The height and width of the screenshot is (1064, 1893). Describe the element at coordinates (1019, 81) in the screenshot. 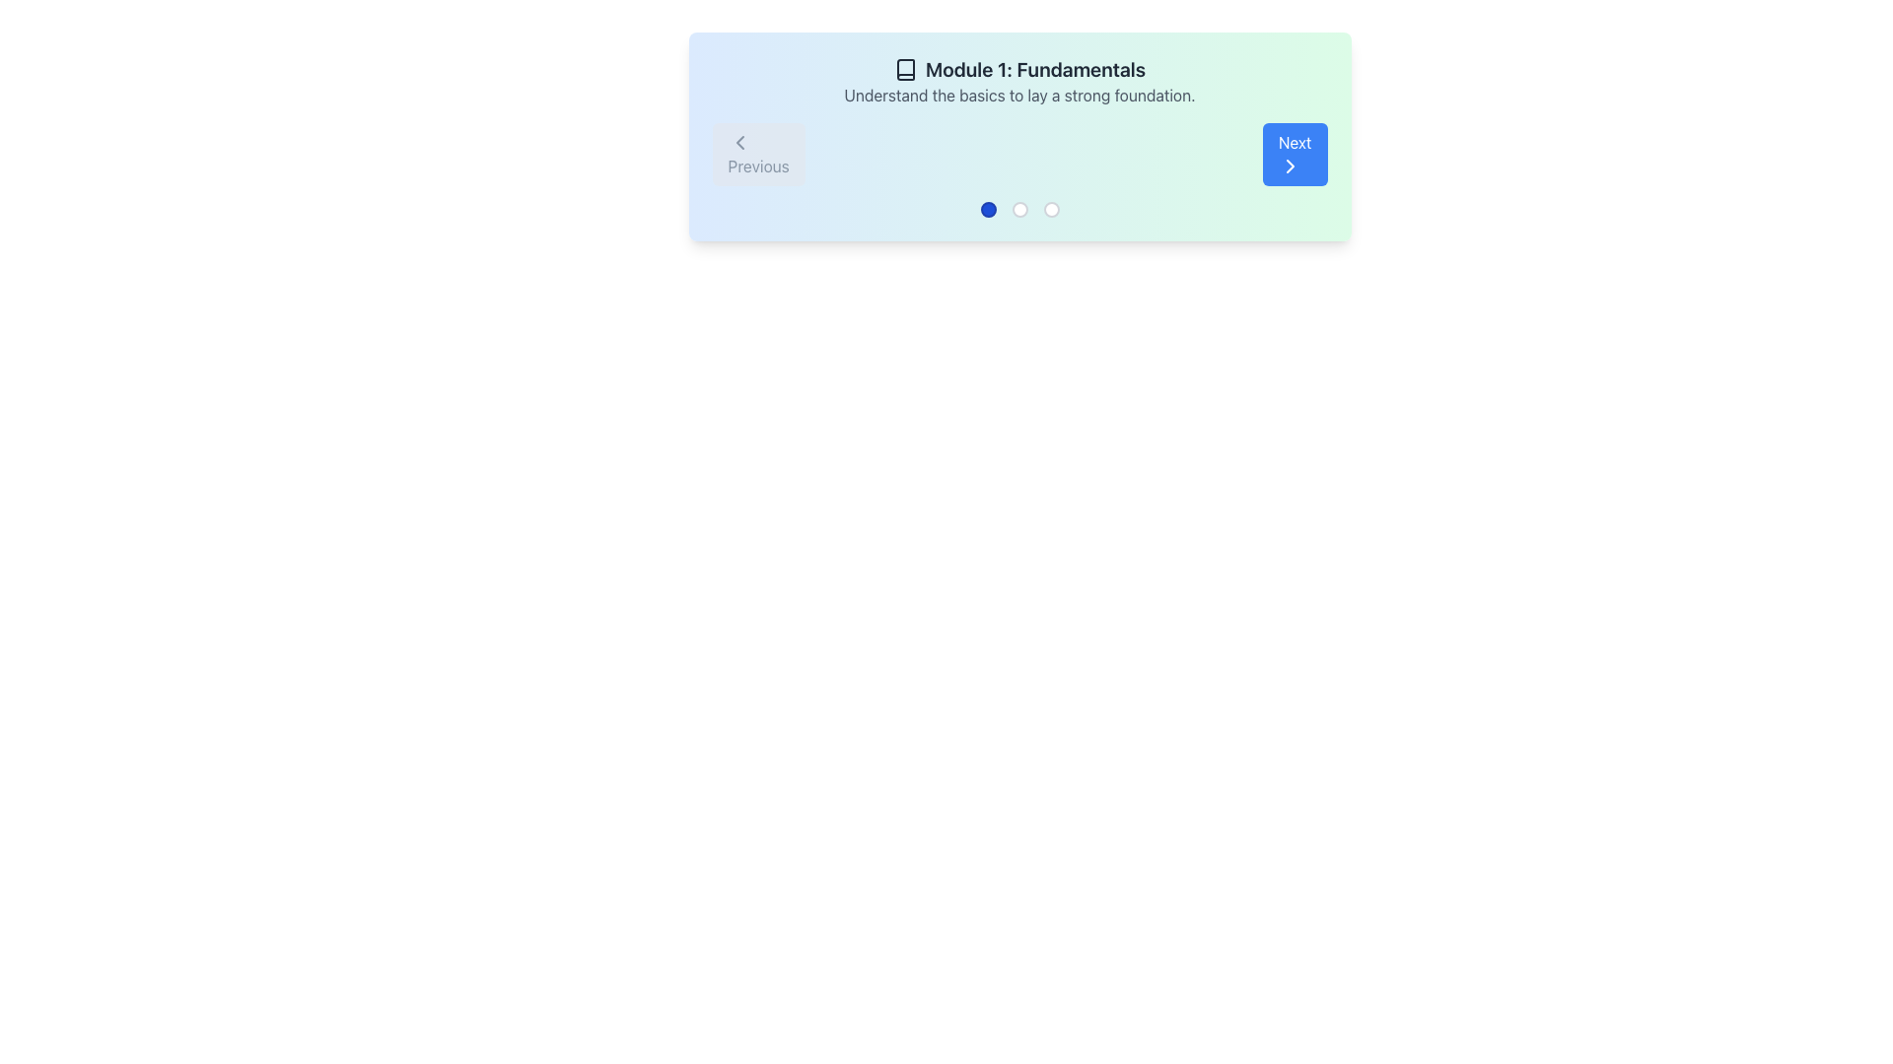

I see `module information from the composite text element that includes a heading and descriptive text, located centrally within the interface's gradient background` at that location.